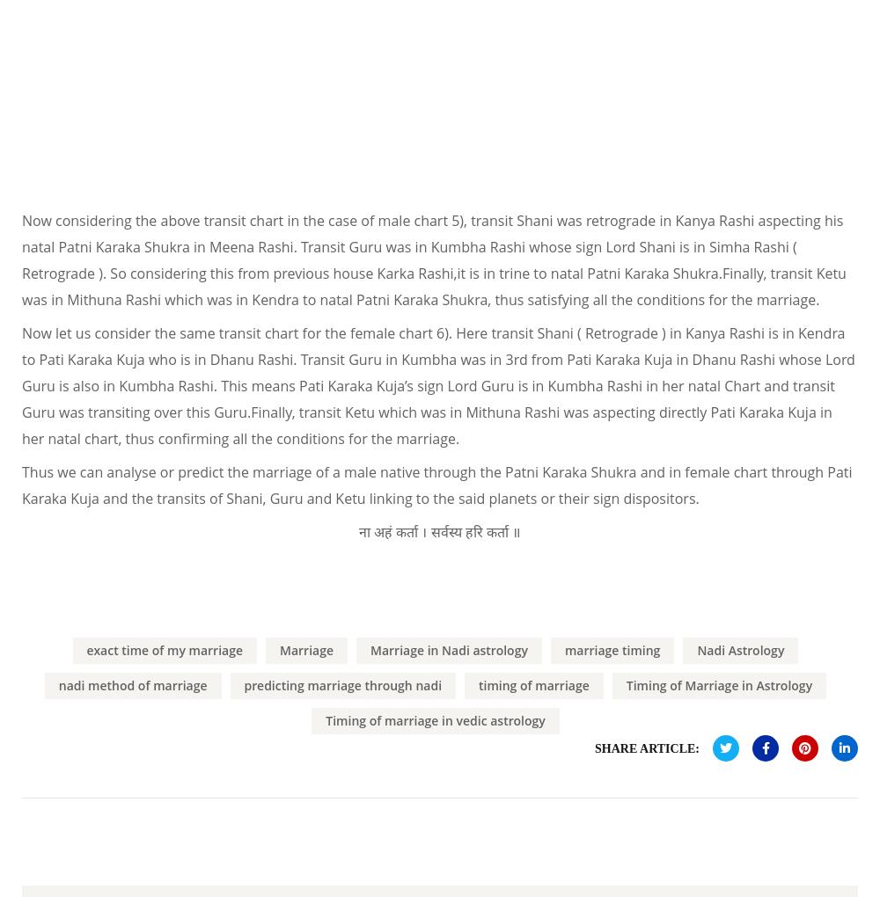  What do you see at coordinates (342, 683) in the screenshot?
I see `'predicting marriage through nadi'` at bounding box center [342, 683].